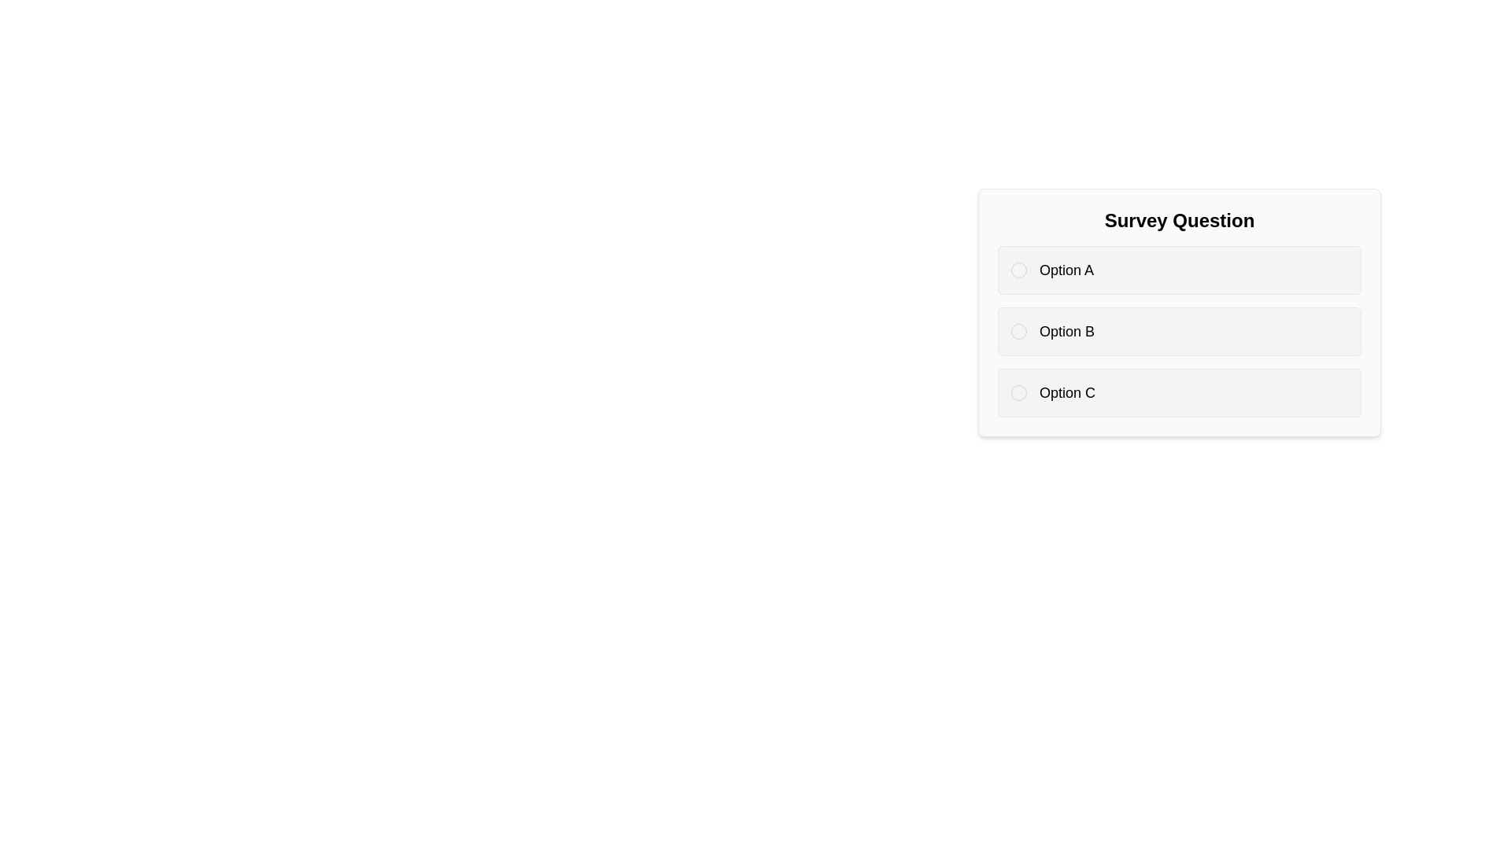 This screenshot has width=1511, height=849. I want to click on the radio button for 'Option C', so click(1019, 392).